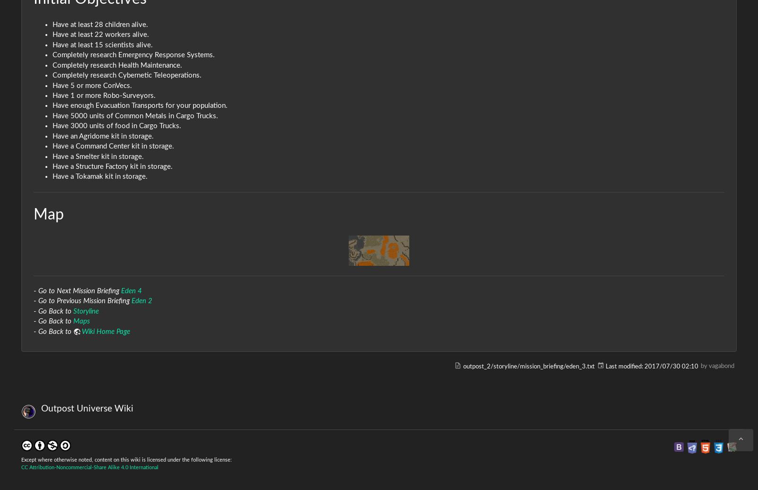 The height and width of the screenshot is (490, 758). I want to click on 'Storyline', so click(73, 311).